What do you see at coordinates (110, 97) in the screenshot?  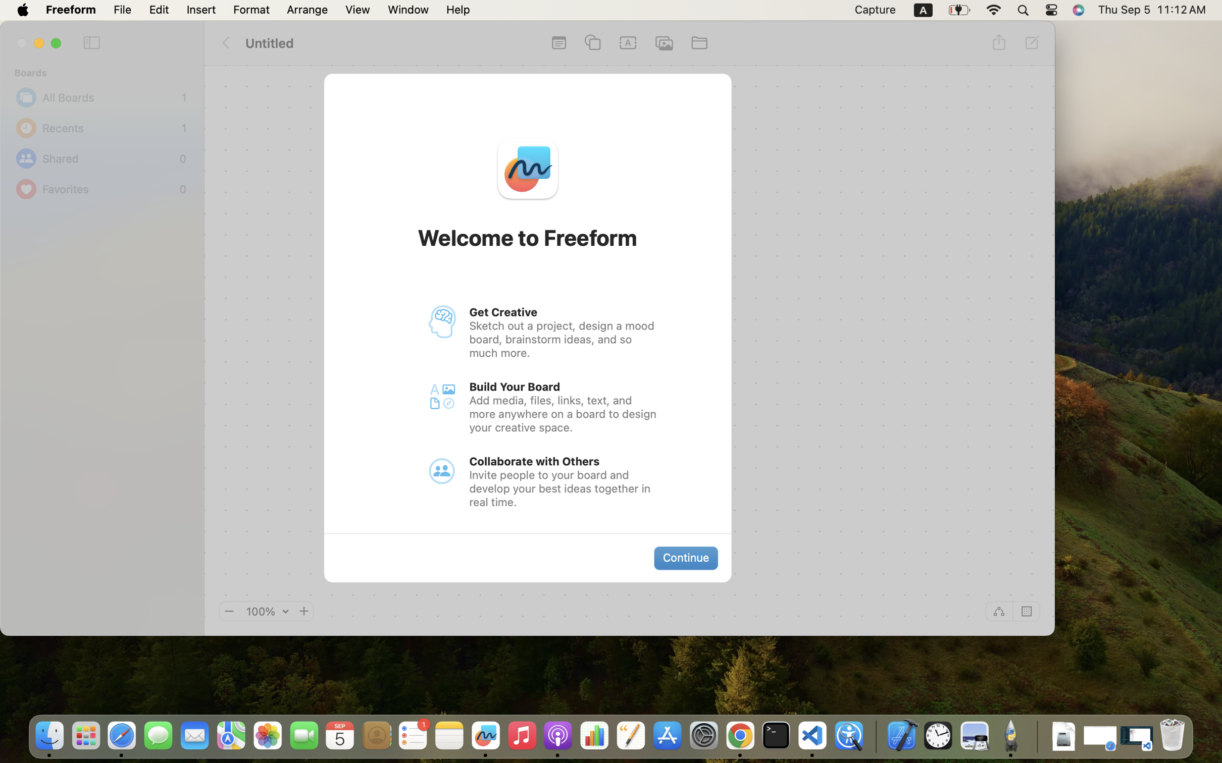 I see `'All Boards'` at bounding box center [110, 97].